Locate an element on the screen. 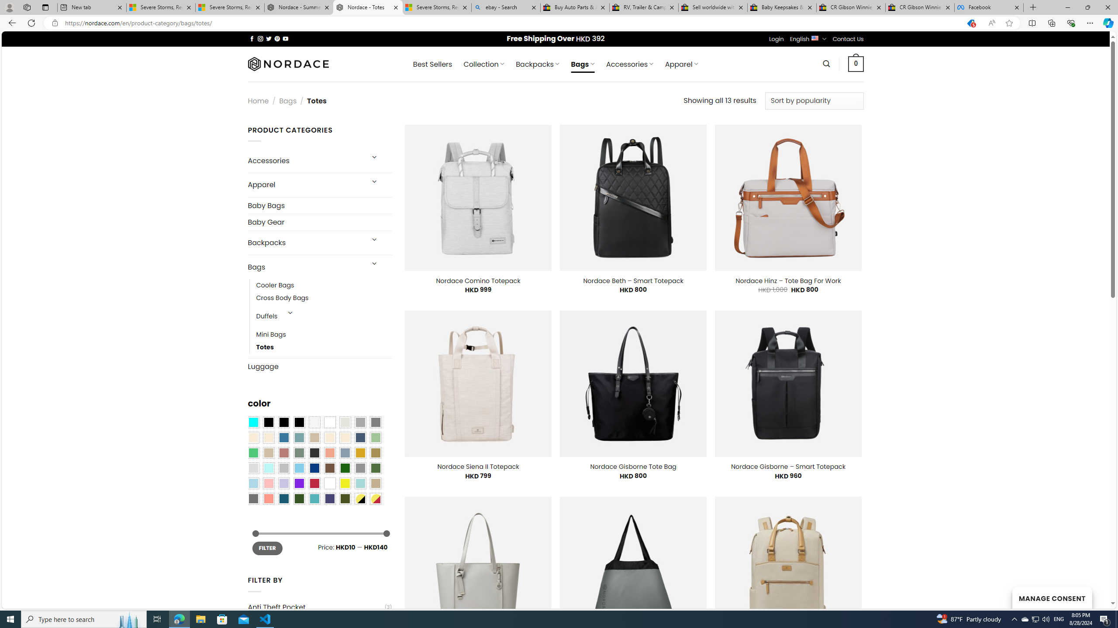 This screenshot has width=1118, height=628. 'Brown' is located at coordinates (329, 468).